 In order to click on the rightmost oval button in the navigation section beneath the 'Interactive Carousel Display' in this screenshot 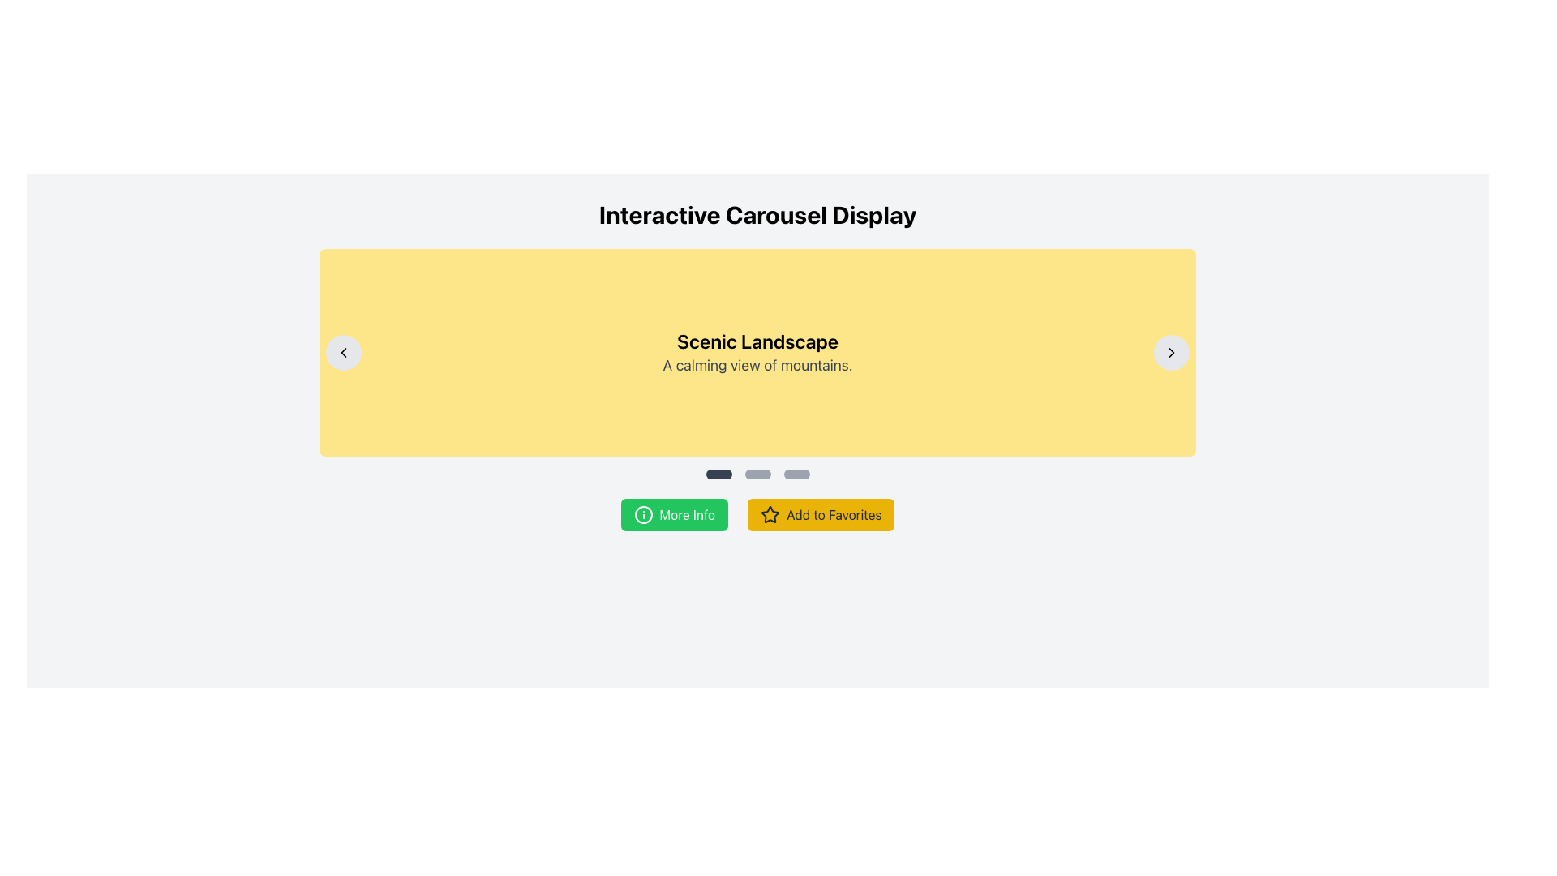, I will do `click(796, 474)`.